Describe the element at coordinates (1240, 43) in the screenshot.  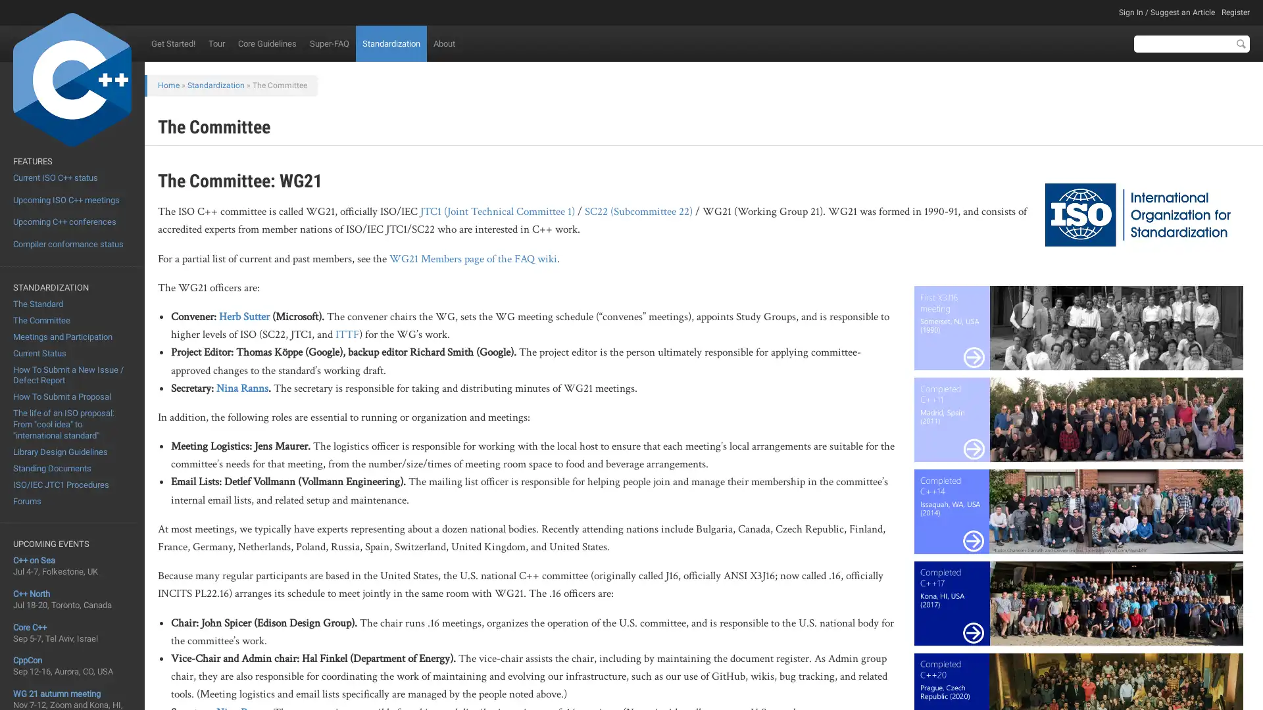
I see `Search` at that location.